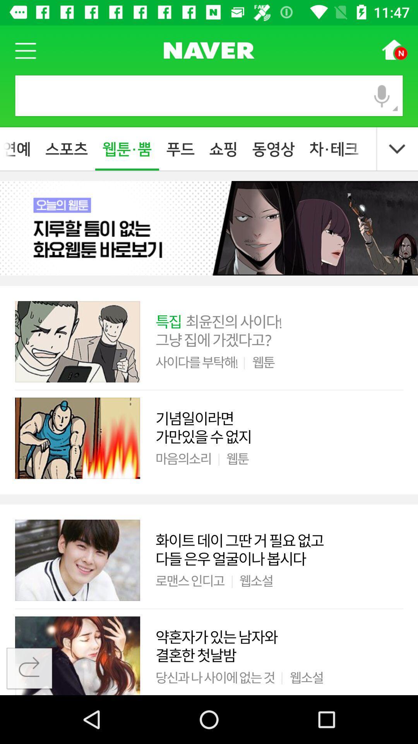  What do you see at coordinates (29, 668) in the screenshot?
I see `the redo icon` at bounding box center [29, 668].